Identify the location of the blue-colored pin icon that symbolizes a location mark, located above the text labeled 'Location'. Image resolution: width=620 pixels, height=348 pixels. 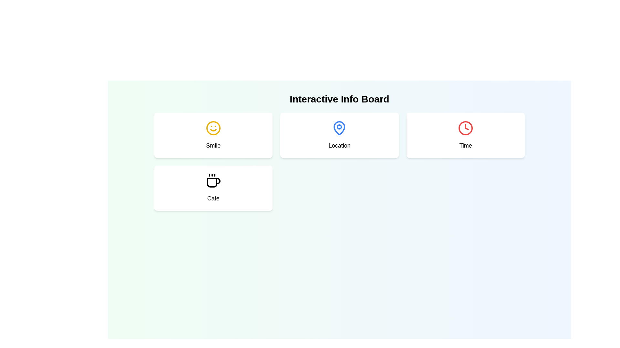
(339, 128).